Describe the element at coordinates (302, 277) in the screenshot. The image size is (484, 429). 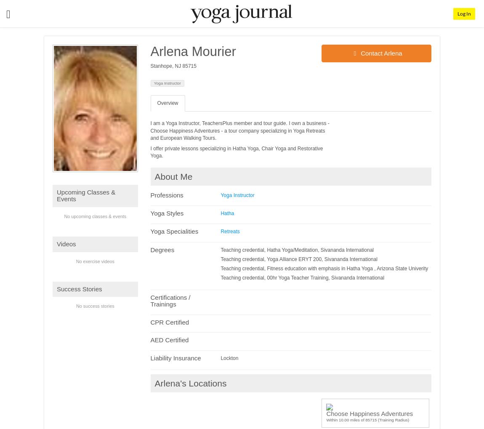
I see `'Teaching credential, 00hr Yoga Teacher Training, Sivananda International'` at that location.